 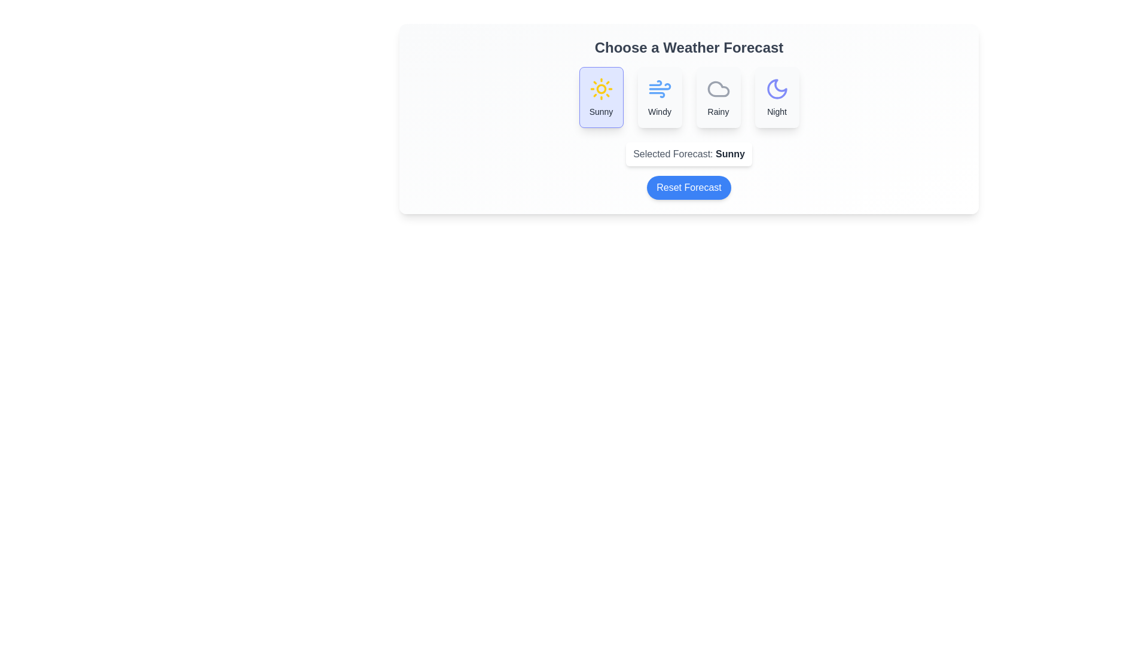 What do you see at coordinates (601, 96) in the screenshot?
I see `the forecast option Sunny by clicking on the corresponding button` at bounding box center [601, 96].